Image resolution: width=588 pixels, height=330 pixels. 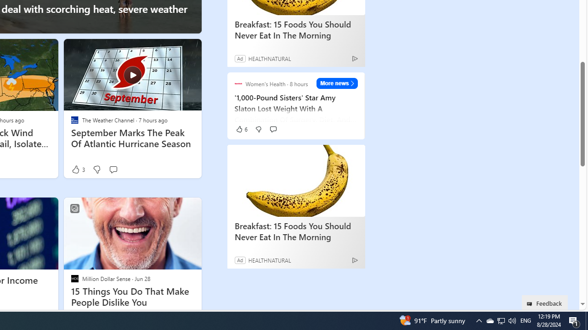 What do you see at coordinates (74, 120) in the screenshot?
I see `'The Weather Channel'` at bounding box center [74, 120].